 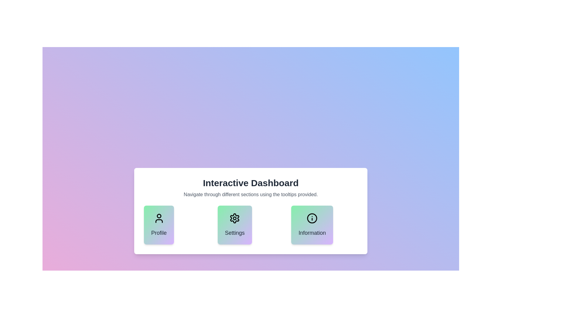 What do you see at coordinates (159, 216) in the screenshot?
I see `the central Circle element in the SVG graphic representing the user profile within the 'Profile' card` at bounding box center [159, 216].